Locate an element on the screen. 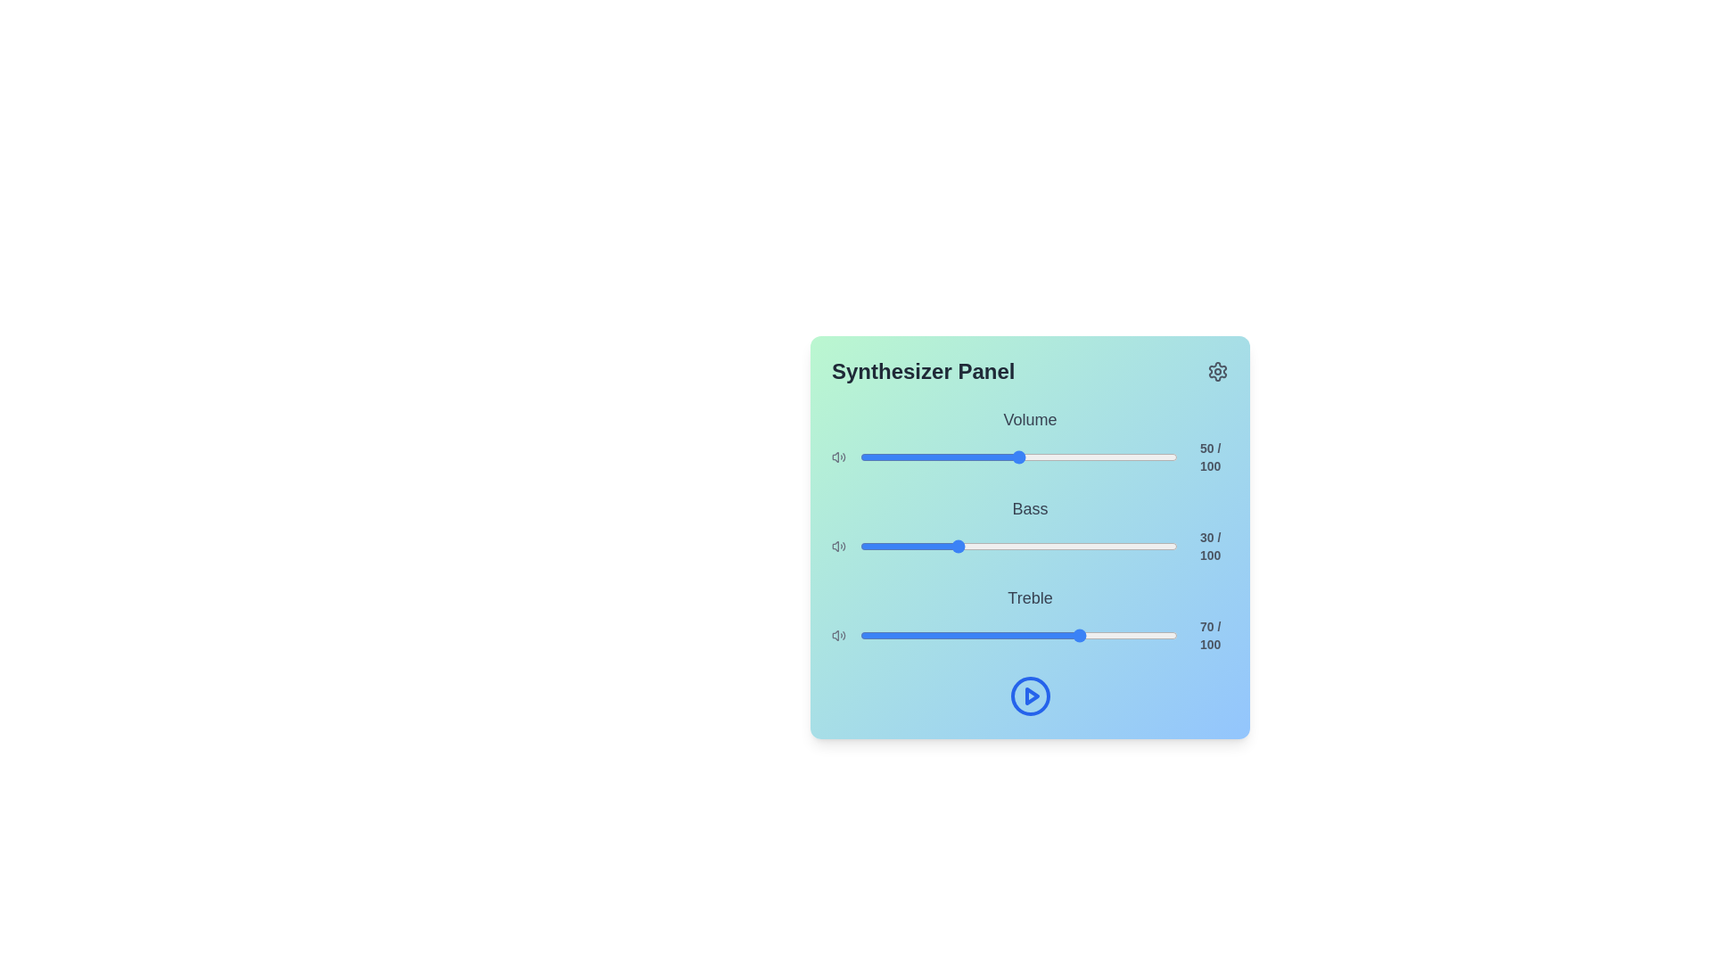  the bass slider to set the bass level to 62 is located at coordinates (1057, 546).